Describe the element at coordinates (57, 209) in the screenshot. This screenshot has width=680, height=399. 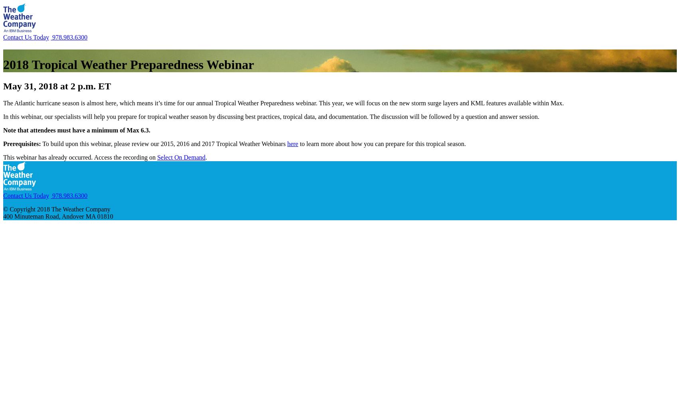
I see `'© Copyright 2018 The Weather Company'` at that location.